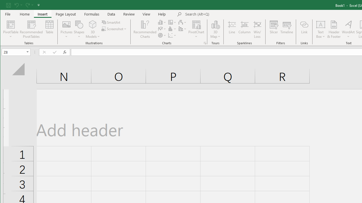 The height and width of the screenshot is (203, 362). I want to click on '3D Map', so click(215, 29).